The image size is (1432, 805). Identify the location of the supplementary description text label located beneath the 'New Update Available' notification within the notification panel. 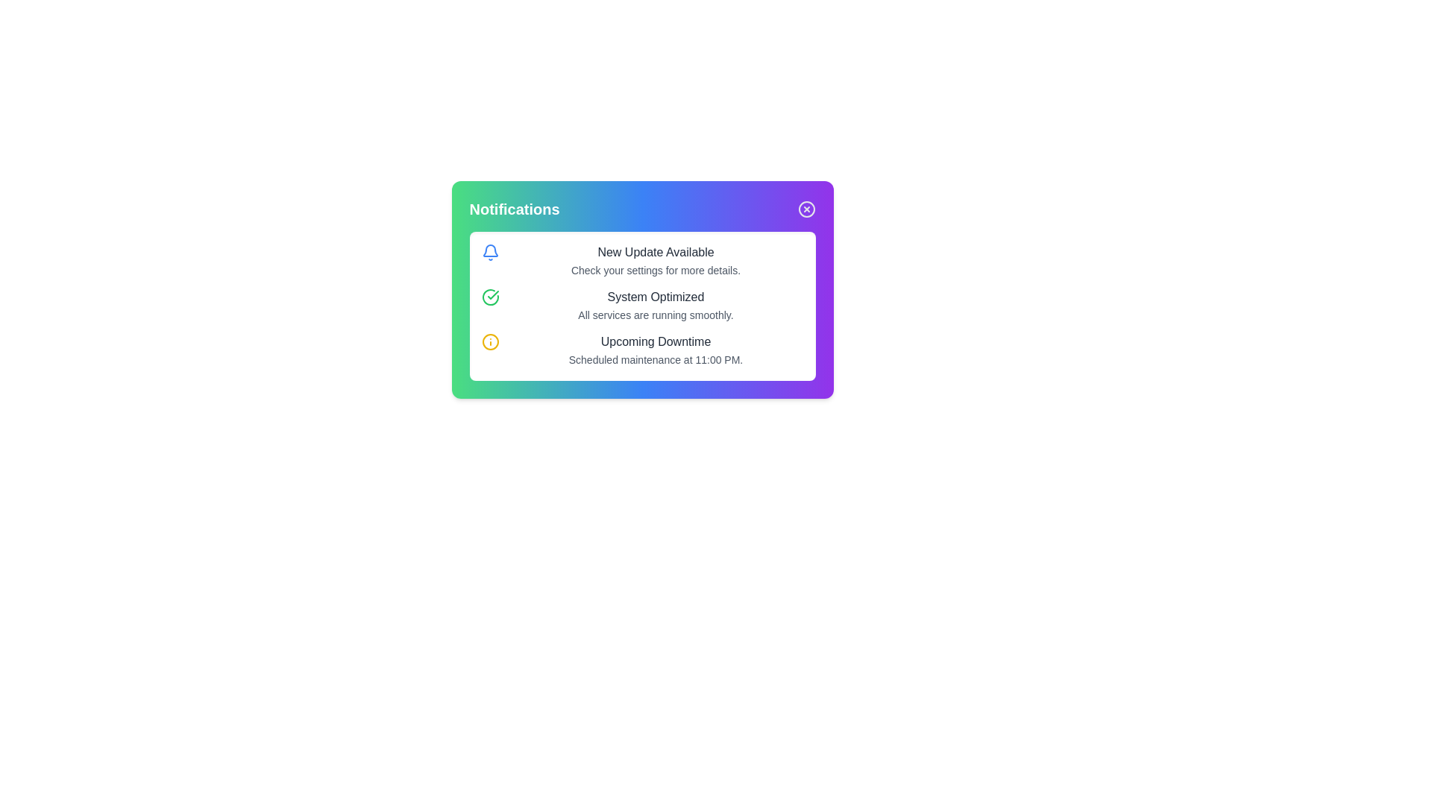
(656, 270).